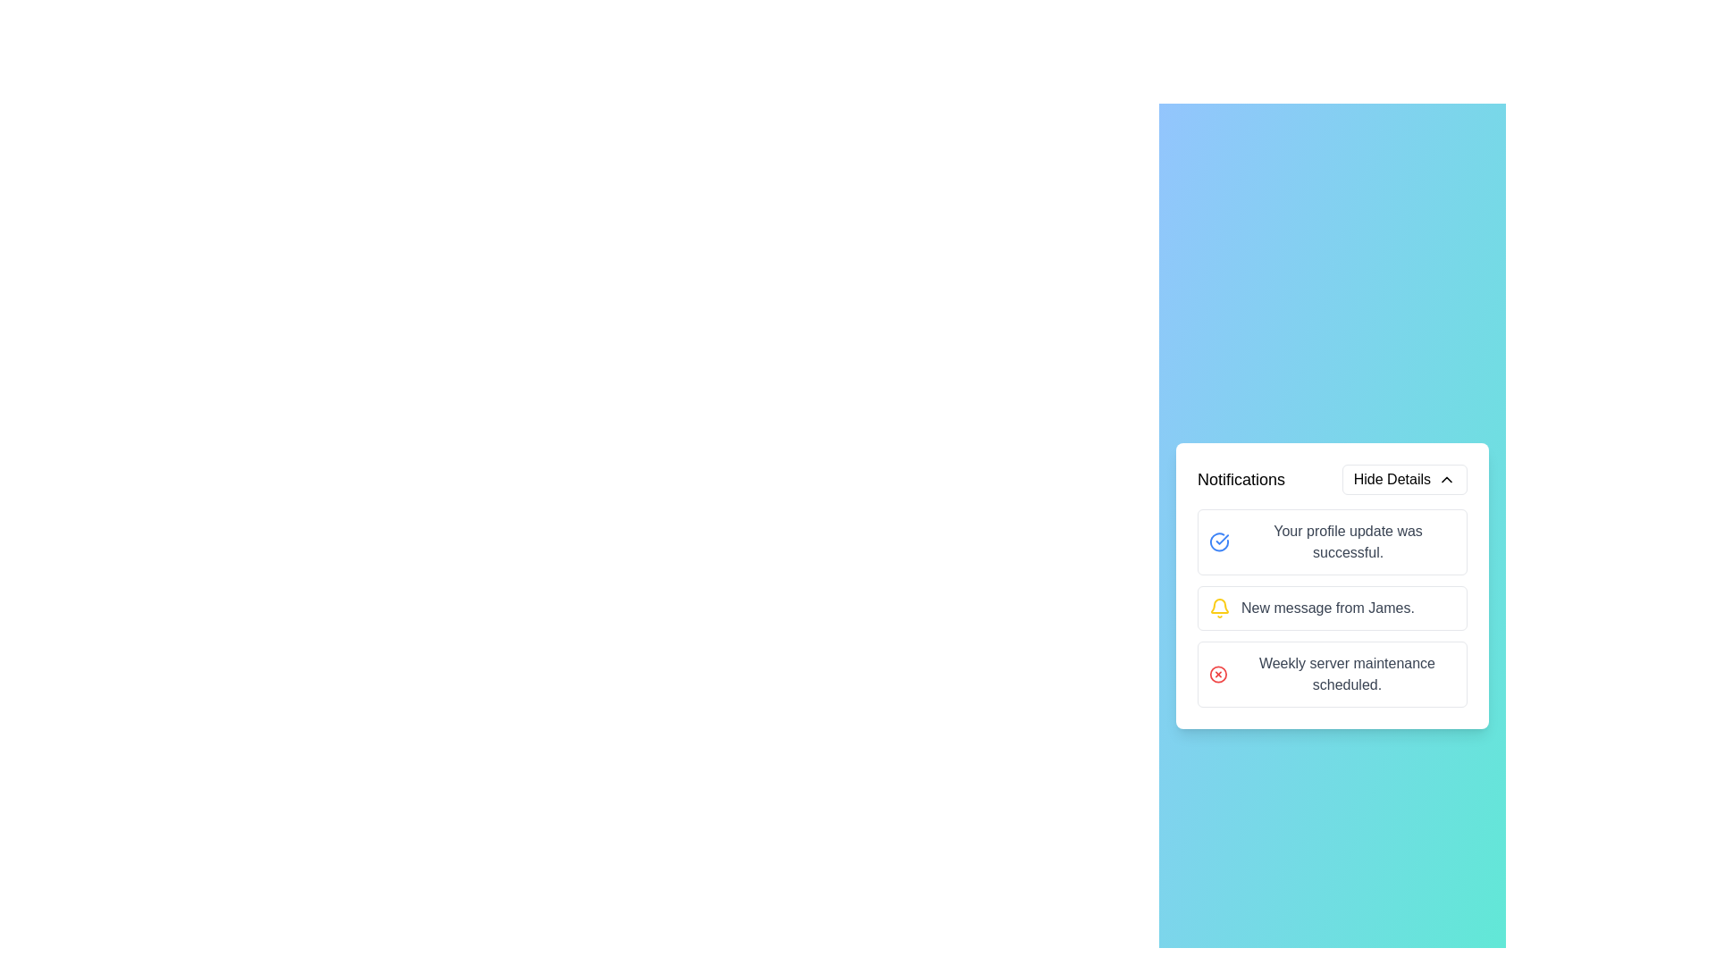 Image resolution: width=1716 pixels, height=965 pixels. I want to click on the circular red icon located at the beginning of the third notification message that indicates 'Weekly server maintenance scheduled.', so click(1217, 675).